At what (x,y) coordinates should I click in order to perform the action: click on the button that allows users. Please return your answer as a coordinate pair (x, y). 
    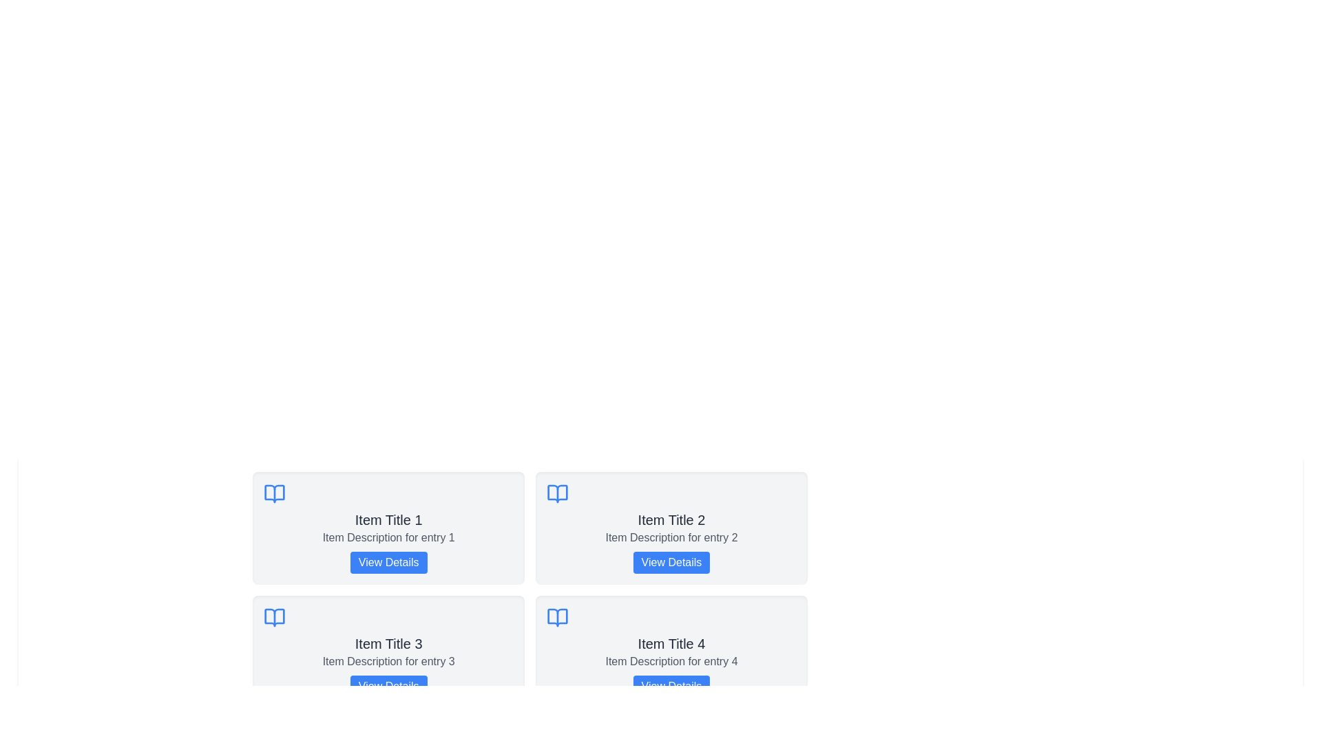
    Looking at the image, I should click on (671, 562).